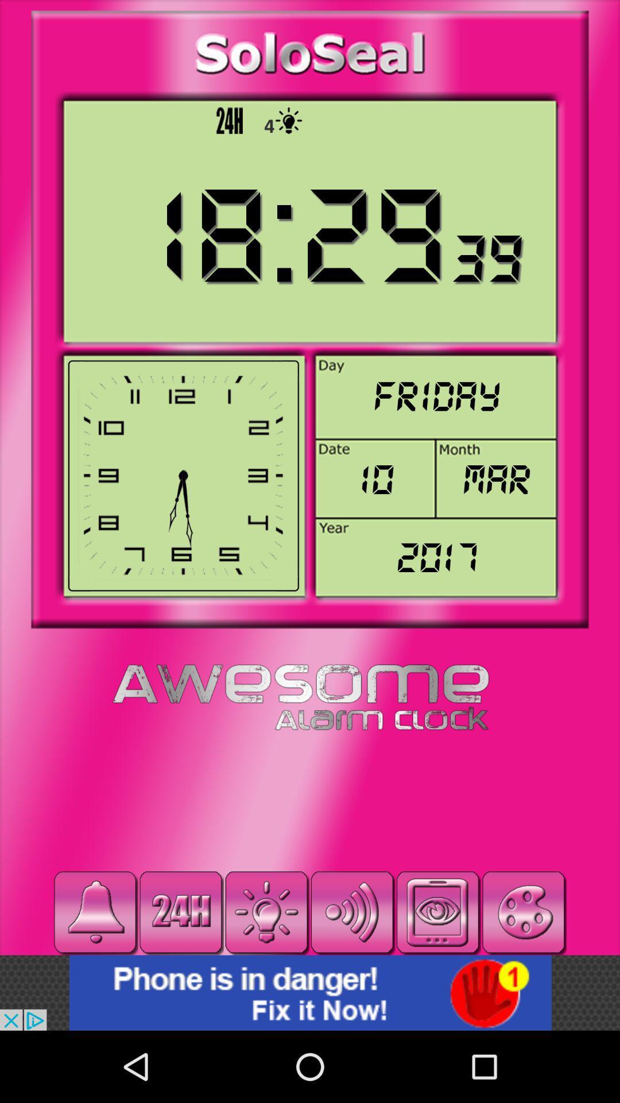 Image resolution: width=620 pixels, height=1103 pixels. I want to click on option to dim backlight or set it to automatic brightness, so click(266, 912).